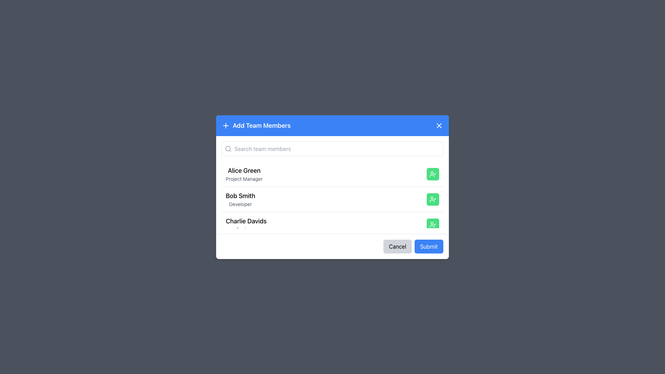  Describe the element at coordinates (432, 224) in the screenshot. I see `the green button with a user silhouette and checkmark next to 'Charlie Davids'` at that location.